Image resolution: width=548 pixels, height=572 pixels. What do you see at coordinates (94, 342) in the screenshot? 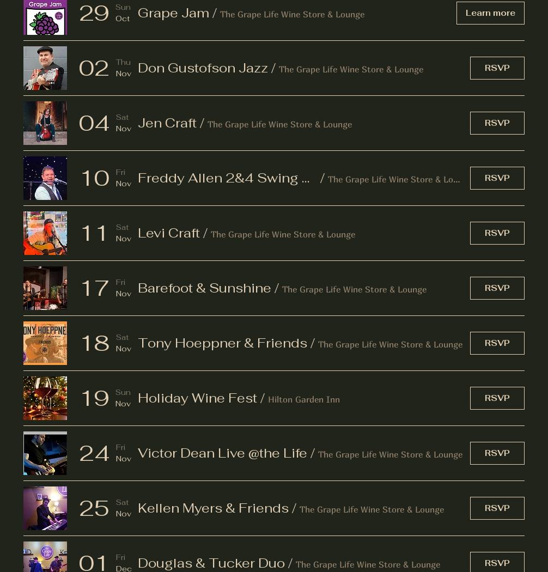
I see `'18'` at bounding box center [94, 342].